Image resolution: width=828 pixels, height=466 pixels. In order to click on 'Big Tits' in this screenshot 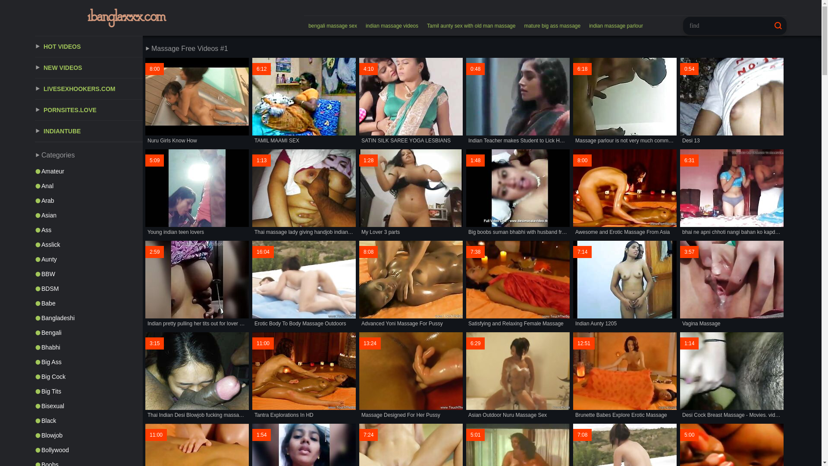, I will do `click(89, 391)`.